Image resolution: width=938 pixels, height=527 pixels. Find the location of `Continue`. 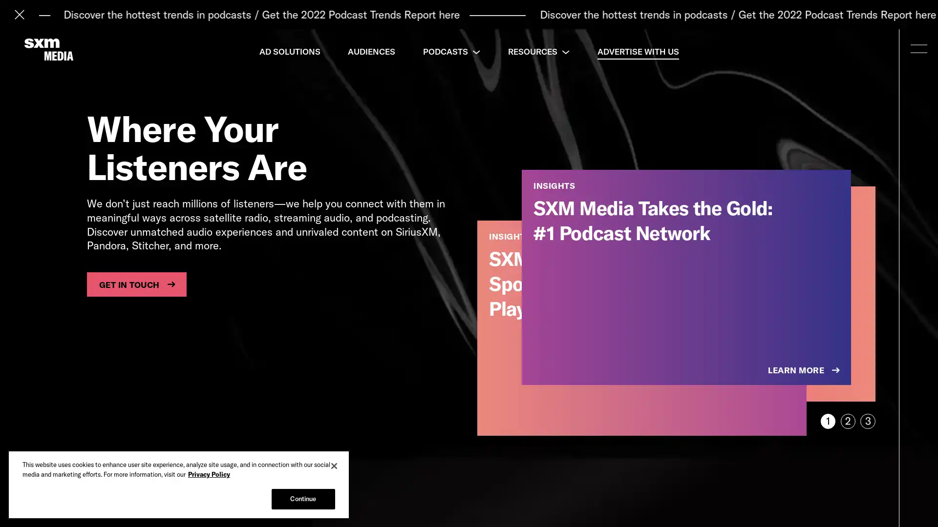

Continue is located at coordinates (302, 499).